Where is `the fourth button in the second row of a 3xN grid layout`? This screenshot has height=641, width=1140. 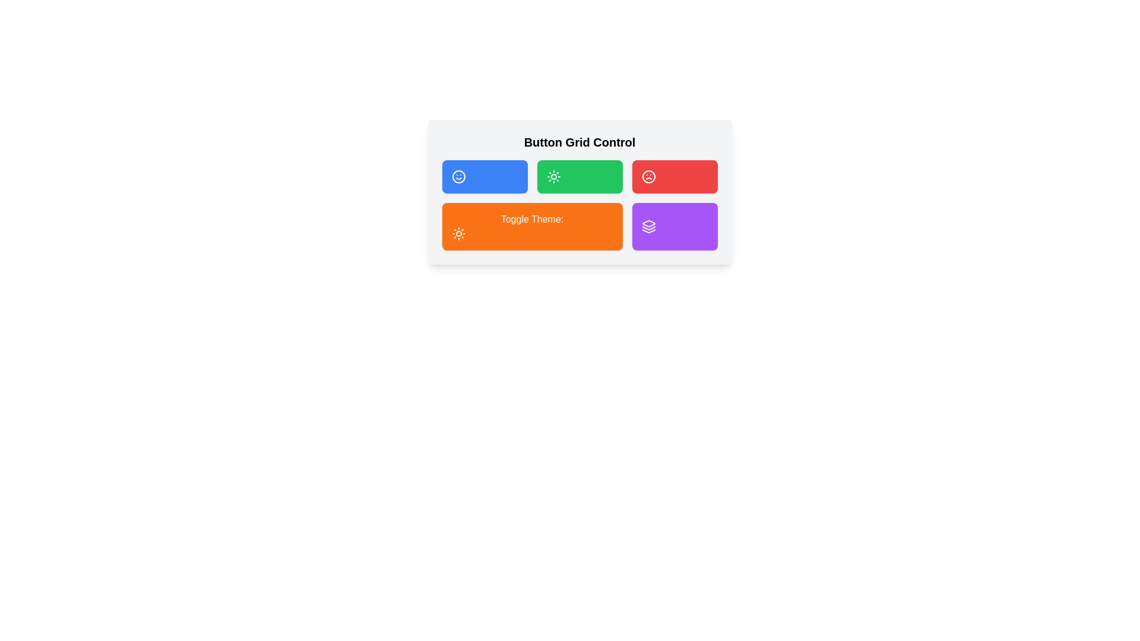
the fourth button in the second row of a 3xN grid layout is located at coordinates (674, 226).